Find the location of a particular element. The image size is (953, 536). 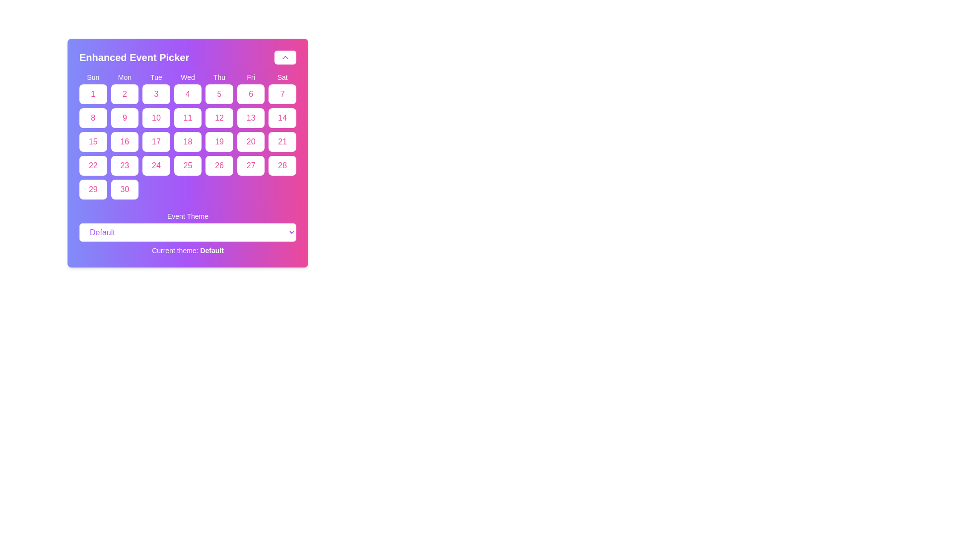

the button is located at coordinates (188, 141).